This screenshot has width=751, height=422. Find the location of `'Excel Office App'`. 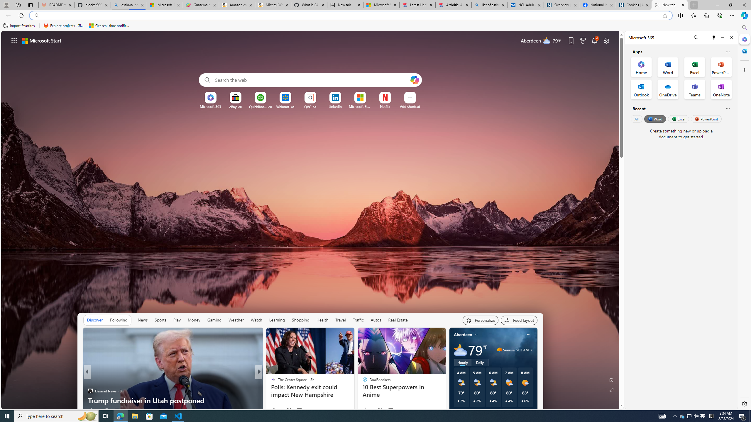

'Excel Office App' is located at coordinates (695, 67).